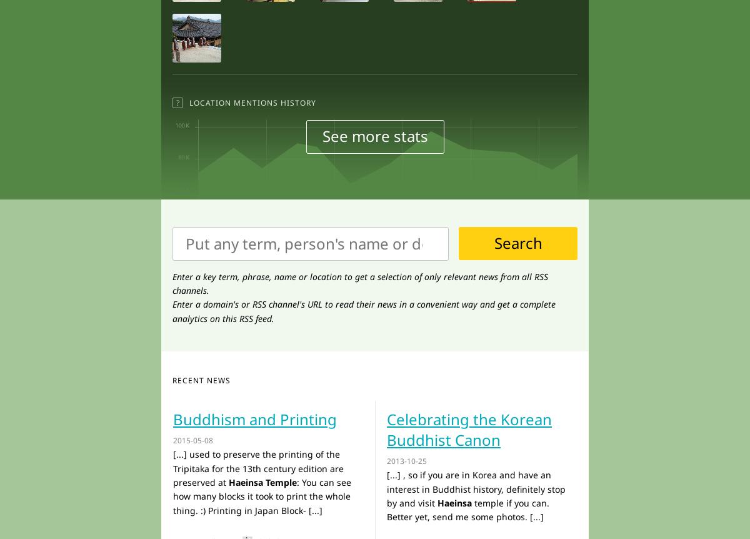 This screenshot has width=750, height=539. I want to click on '[...] used to preserve the printing of the Tripitaka for the 13th century edition are preserved at', so click(258, 468).